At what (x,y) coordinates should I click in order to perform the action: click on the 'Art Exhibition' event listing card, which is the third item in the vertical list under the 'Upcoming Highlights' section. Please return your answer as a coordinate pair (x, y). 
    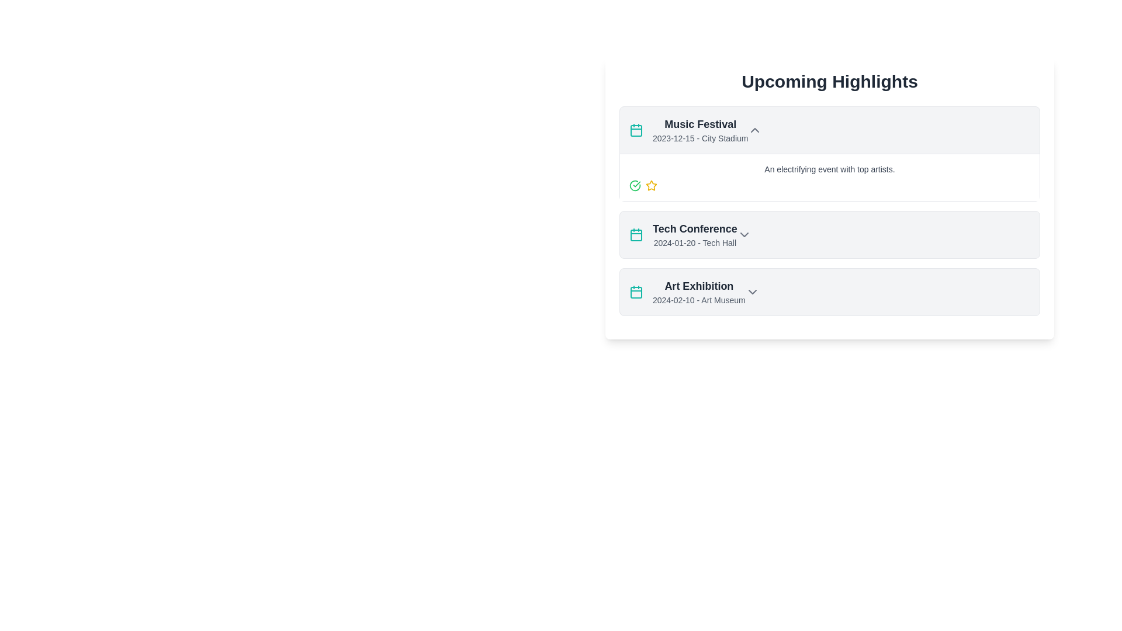
    Looking at the image, I should click on (829, 292).